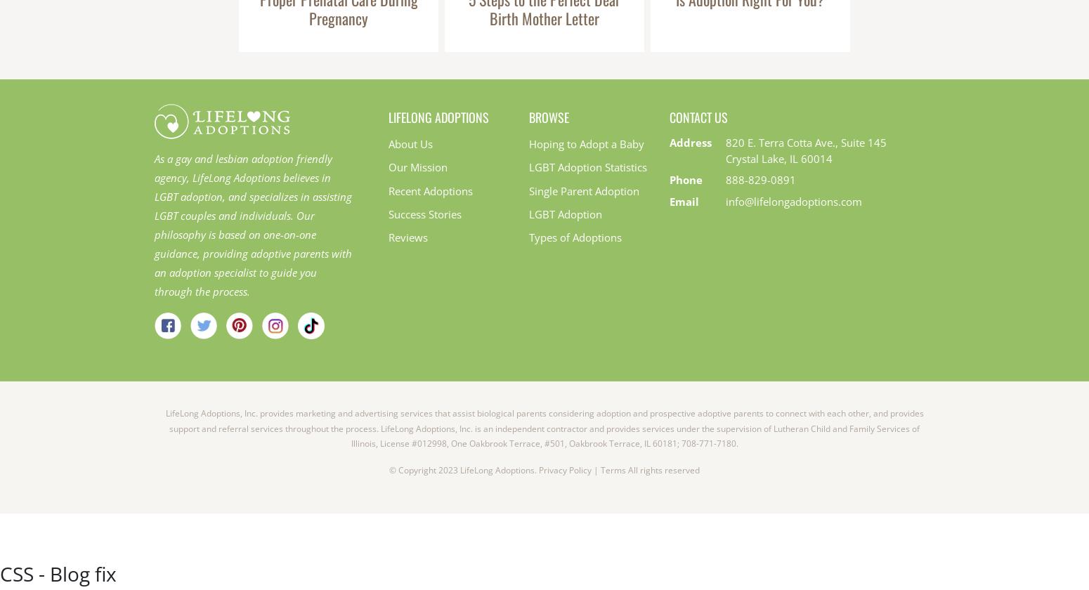  I want to click on '820 E. Terra Cotta Ave., Suite 145', so click(724, 143).